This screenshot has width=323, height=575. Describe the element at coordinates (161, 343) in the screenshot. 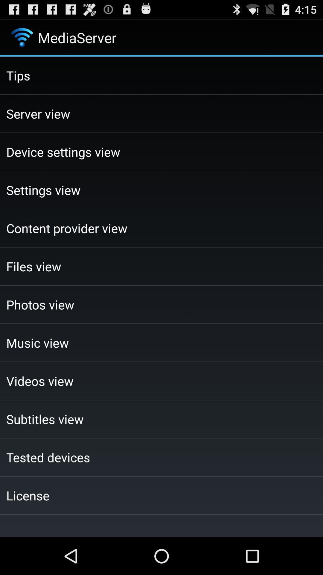

I see `the music view checkbox` at that location.